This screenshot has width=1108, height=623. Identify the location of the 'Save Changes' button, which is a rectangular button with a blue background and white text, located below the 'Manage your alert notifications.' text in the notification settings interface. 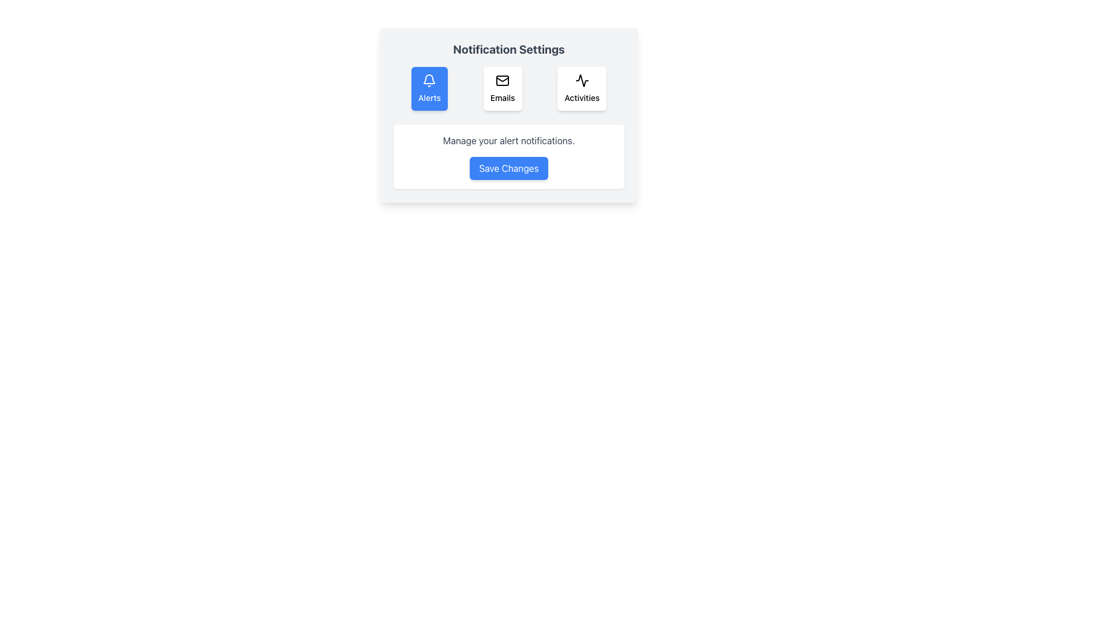
(508, 168).